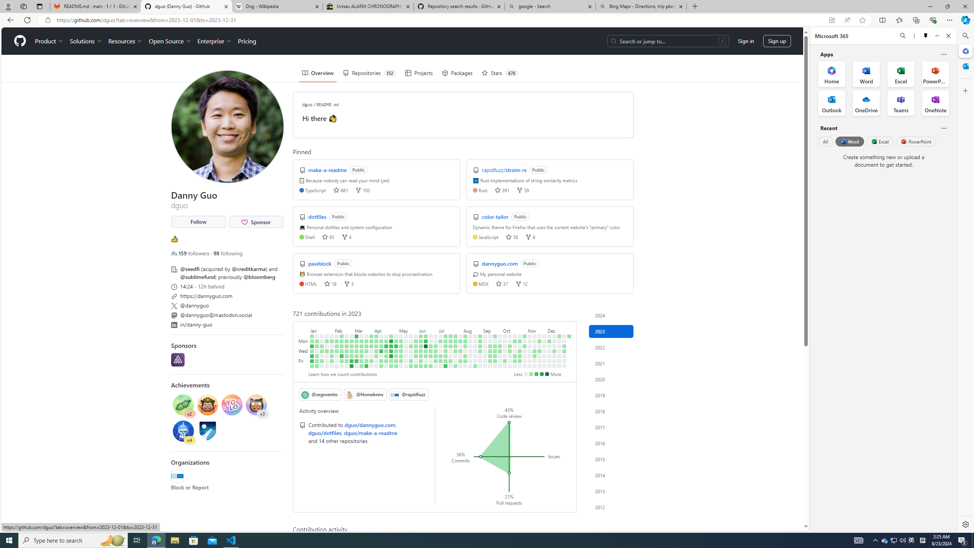  I want to click on '1 contribution on February 3rd.', so click(332, 360).